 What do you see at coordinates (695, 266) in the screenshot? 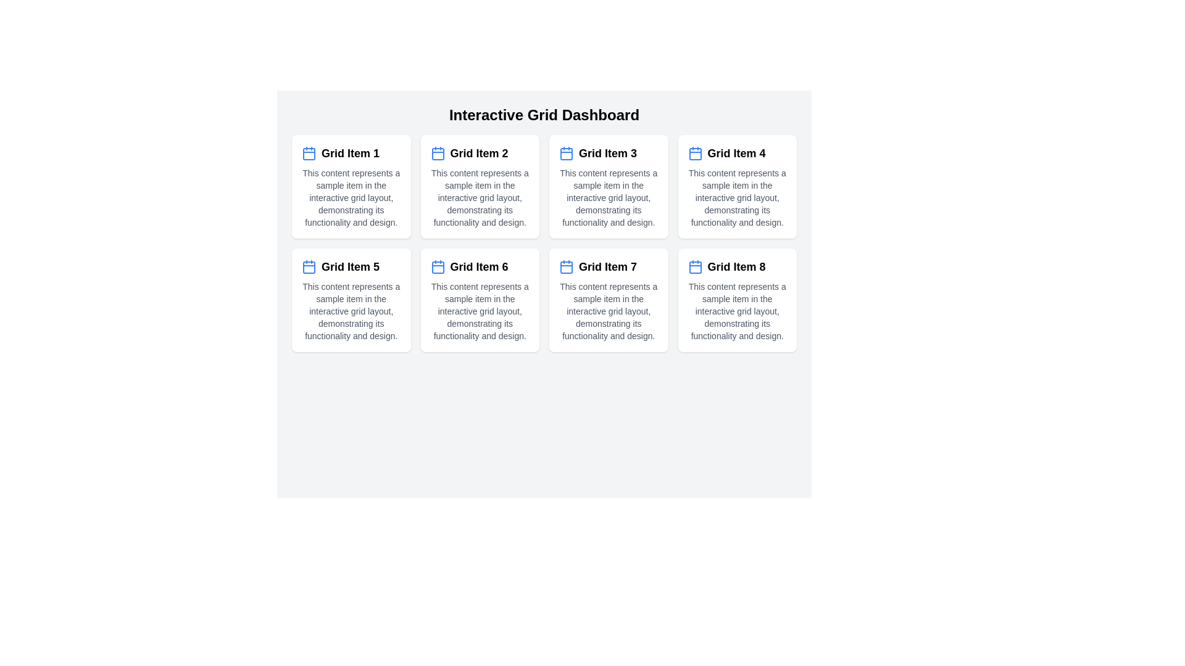
I see `the calendar icon located in the bottom-right corner of 'Grid Item 8', which is positioned to the left of the text header 'Grid Item 8'` at bounding box center [695, 266].